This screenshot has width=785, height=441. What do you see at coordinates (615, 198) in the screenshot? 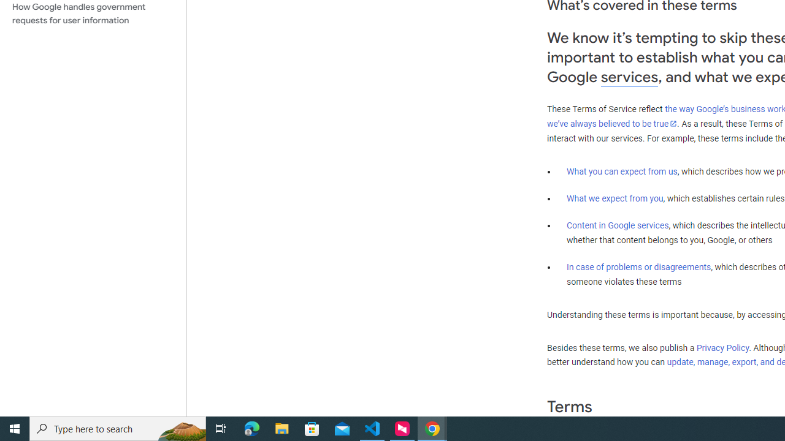
I see `'What we expect from you'` at bounding box center [615, 198].